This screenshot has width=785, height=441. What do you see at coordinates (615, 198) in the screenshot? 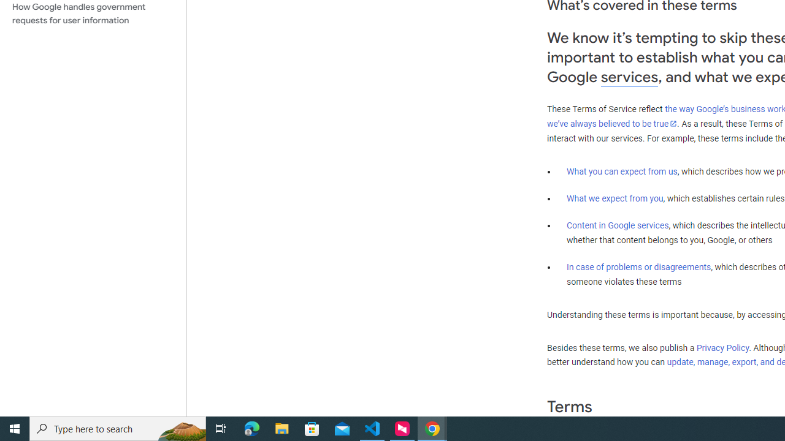
I see `'What we expect from you'` at bounding box center [615, 198].